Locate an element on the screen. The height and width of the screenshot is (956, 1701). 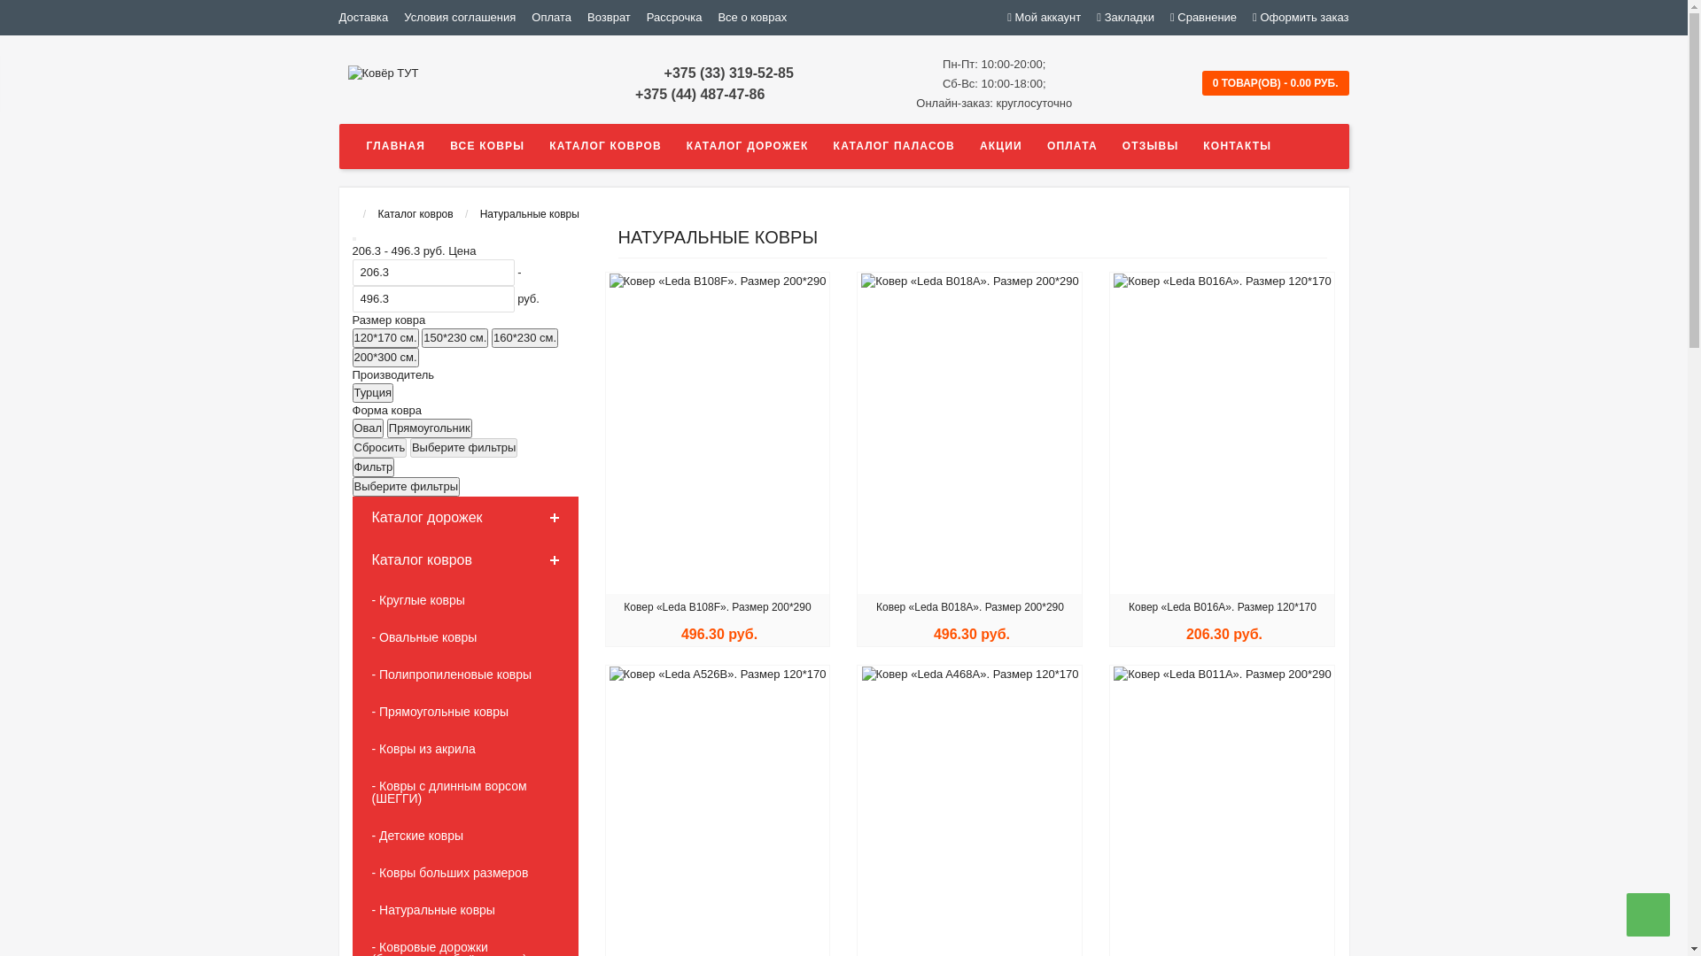
'+375 (33) 319-52-85' is located at coordinates (728, 72).